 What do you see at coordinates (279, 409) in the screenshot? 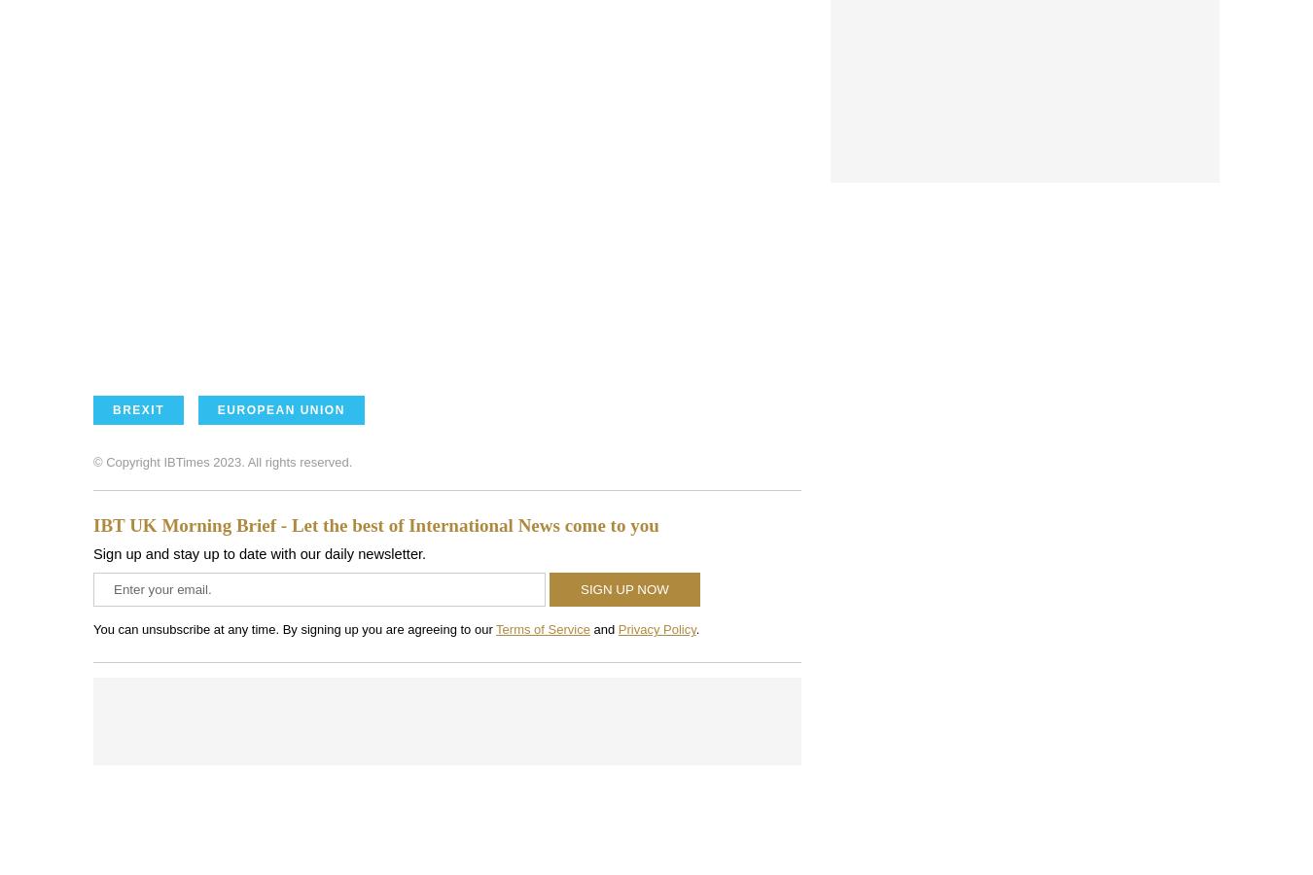
I see `'European Union'` at bounding box center [279, 409].